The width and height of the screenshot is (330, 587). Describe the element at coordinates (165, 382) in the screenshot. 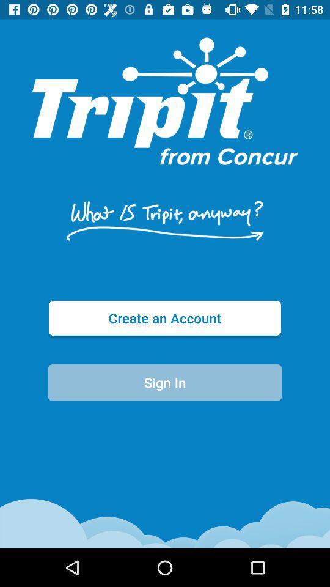

I see `item below the create an account item` at that location.